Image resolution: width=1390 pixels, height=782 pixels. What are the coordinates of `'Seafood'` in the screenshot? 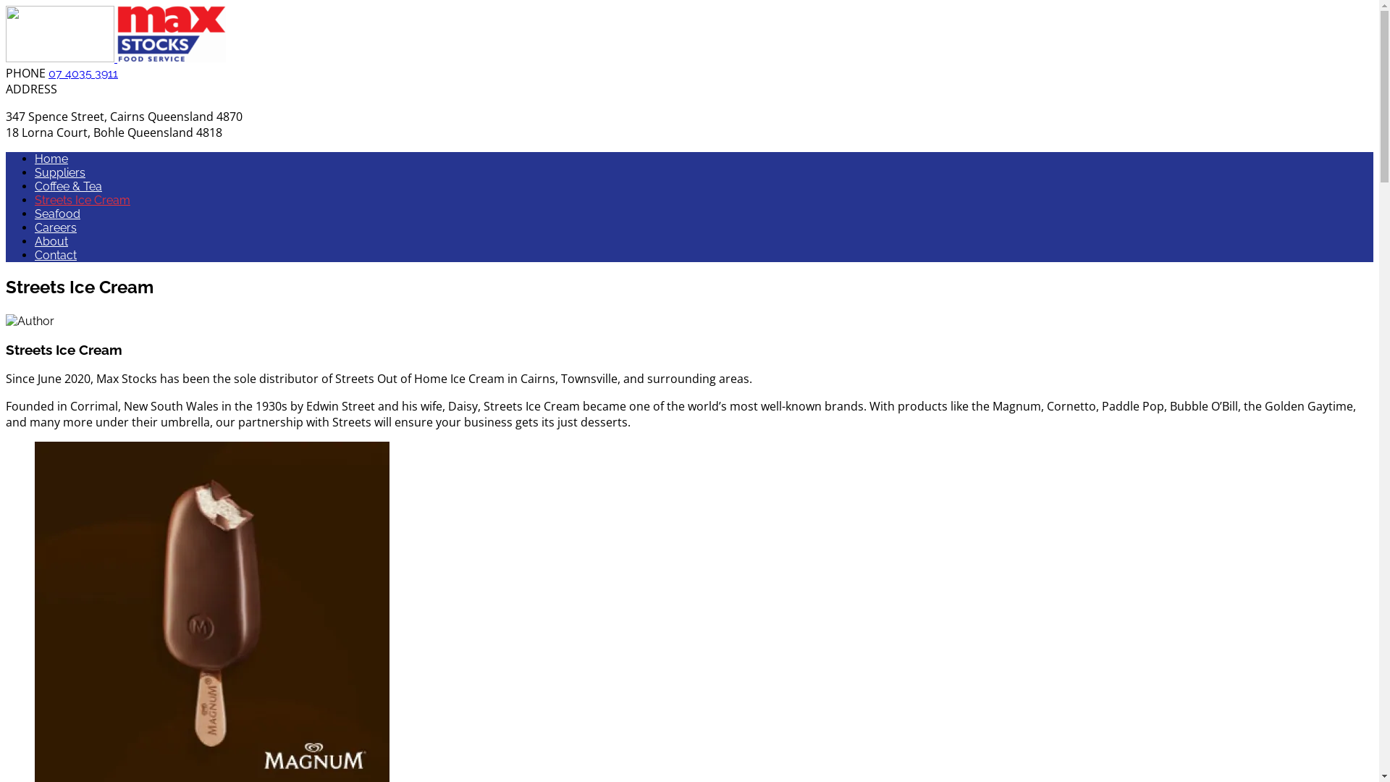 It's located at (57, 214).